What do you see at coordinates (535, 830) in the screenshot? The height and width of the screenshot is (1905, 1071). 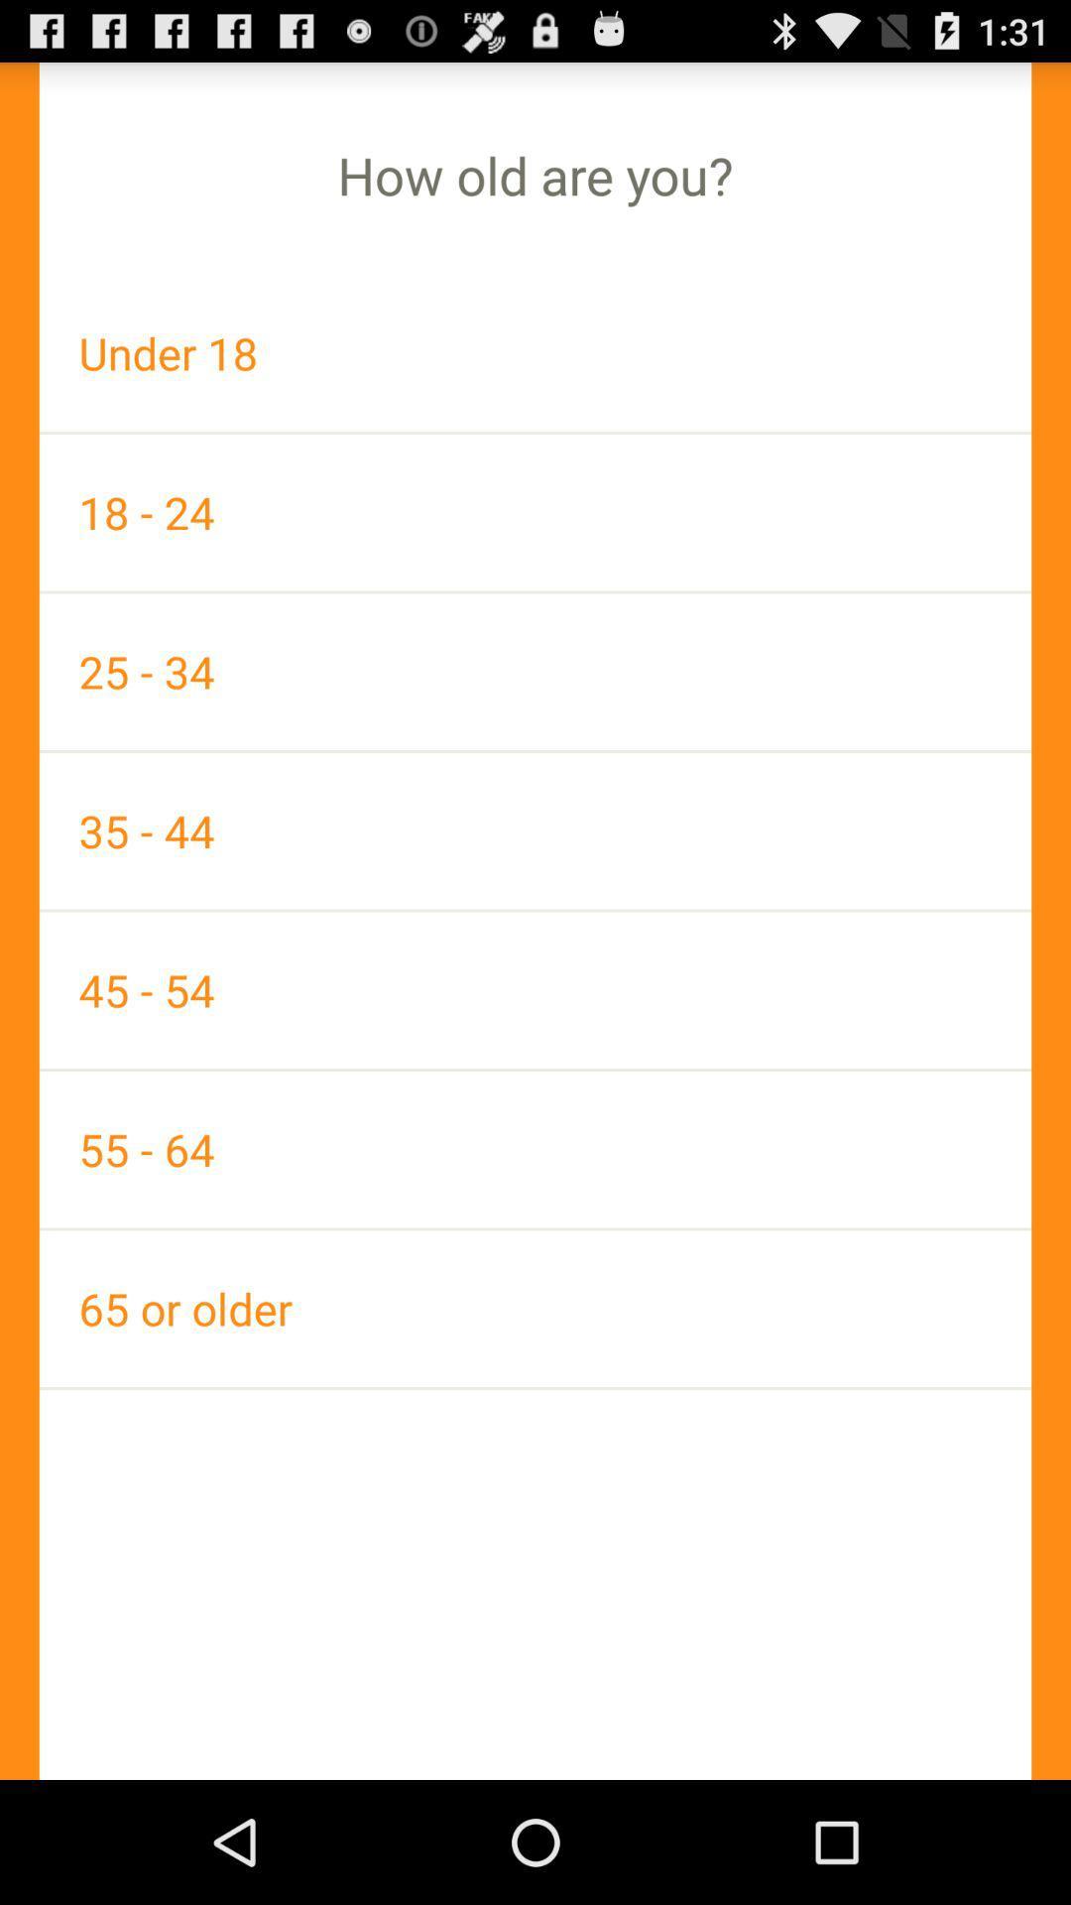 I see `app above the 45 - 54 icon` at bounding box center [535, 830].